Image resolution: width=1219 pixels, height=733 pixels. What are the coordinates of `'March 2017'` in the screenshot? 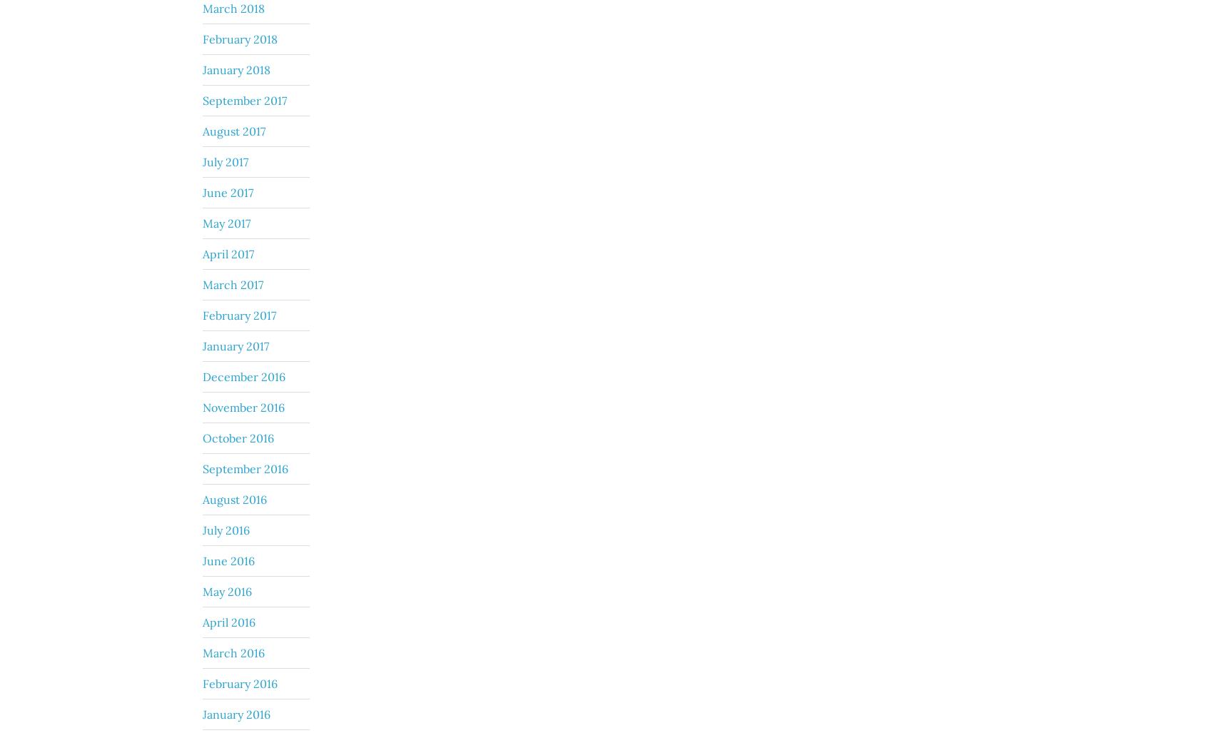 It's located at (233, 283).